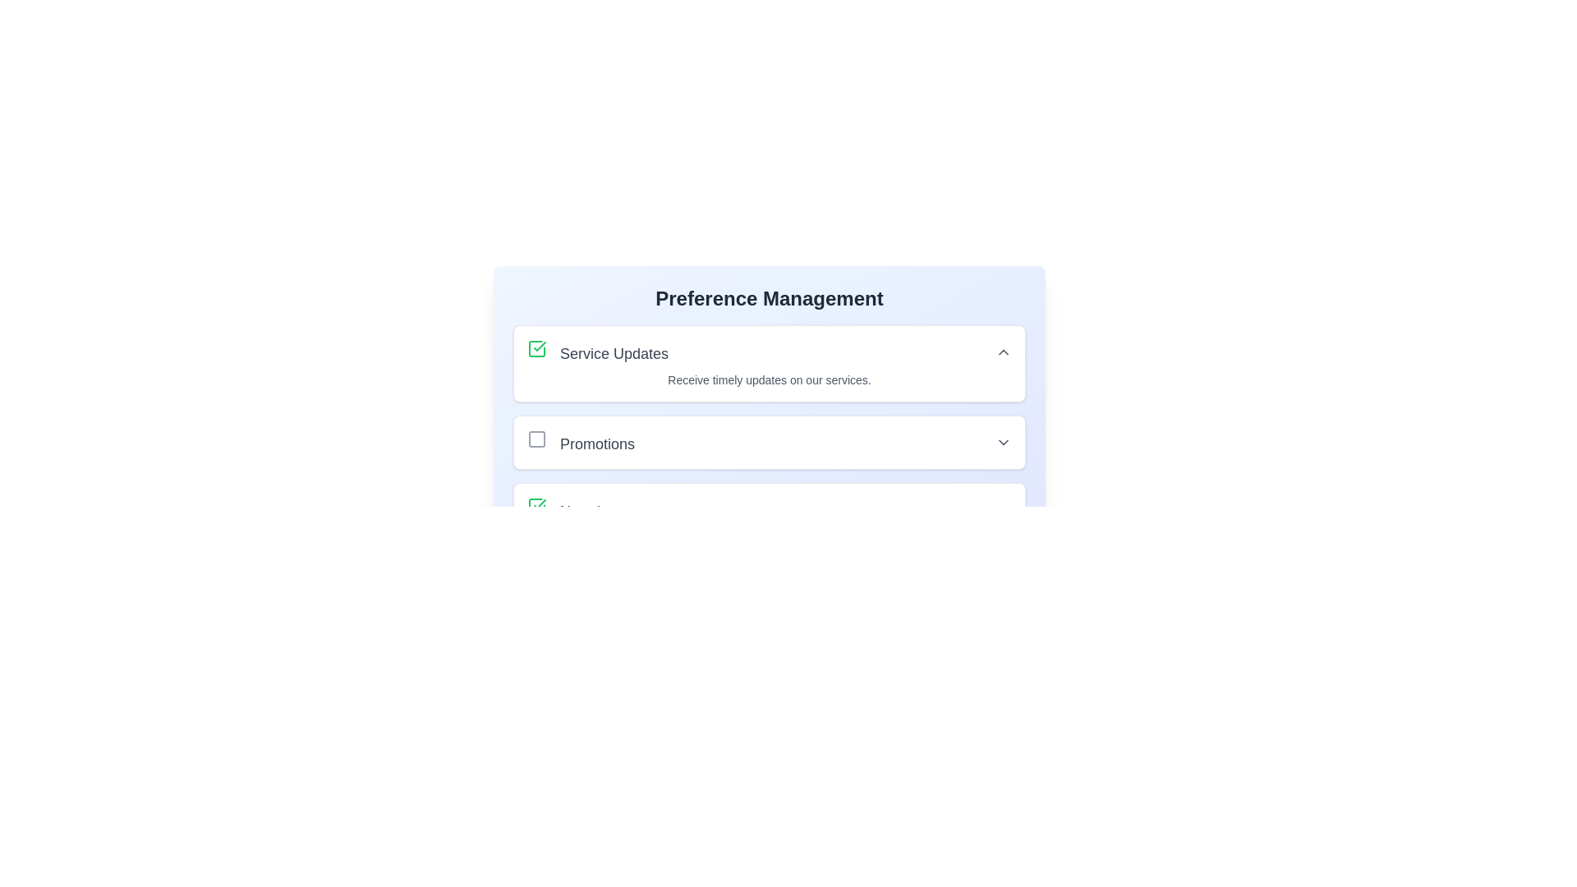 Image resolution: width=1577 pixels, height=887 pixels. What do you see at coordinates (597, 351) in the screenshot?
I see `label 'Service Updates' which is a text element styled with a medium font size and gray color, located in the first option section of the 'Preference Management' layout, adjacent to a checkbox` at bounding box center [597, 351].